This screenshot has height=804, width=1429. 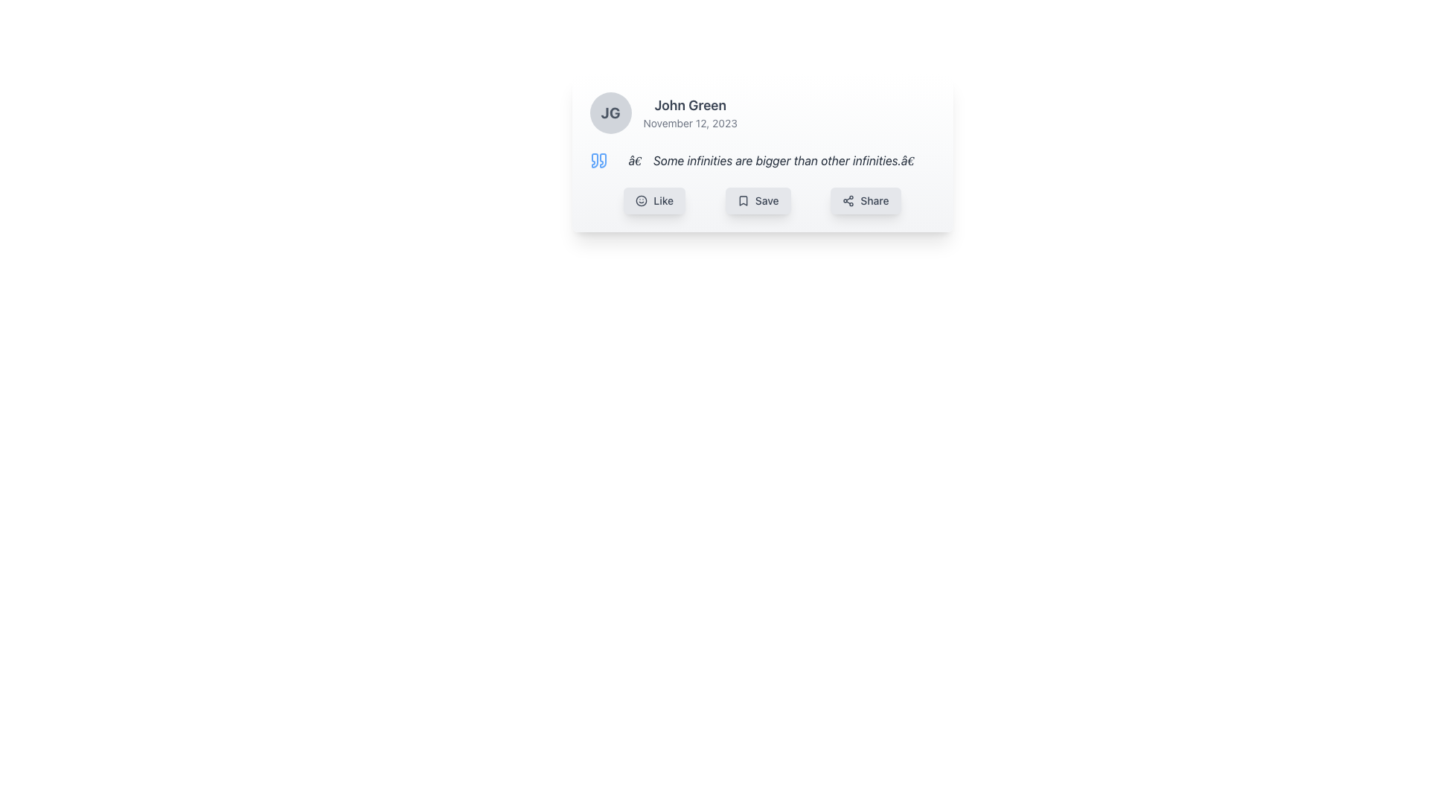 What do you see at coordinates (689, 105) in the screenshot?
I see `text label displaying 'John Green', which is bold and larger than surrounding text, located at the top-left of the card layout above the date 'November 12, 2023'` at bounding box center [689, 105].